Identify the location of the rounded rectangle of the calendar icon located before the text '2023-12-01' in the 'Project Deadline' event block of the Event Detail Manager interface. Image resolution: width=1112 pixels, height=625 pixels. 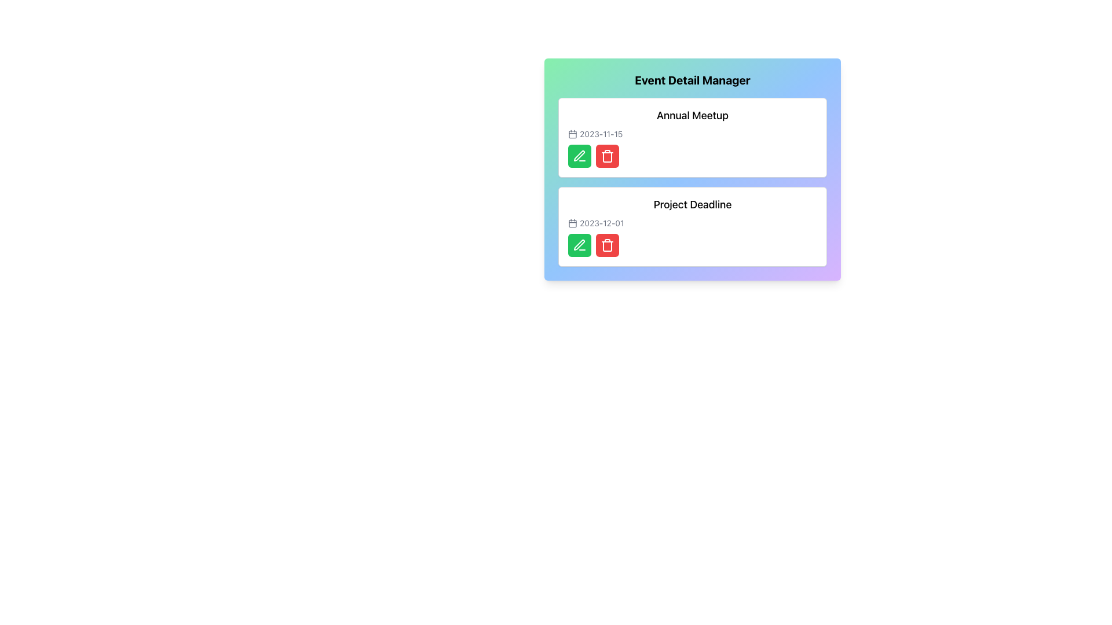
(572, 223).